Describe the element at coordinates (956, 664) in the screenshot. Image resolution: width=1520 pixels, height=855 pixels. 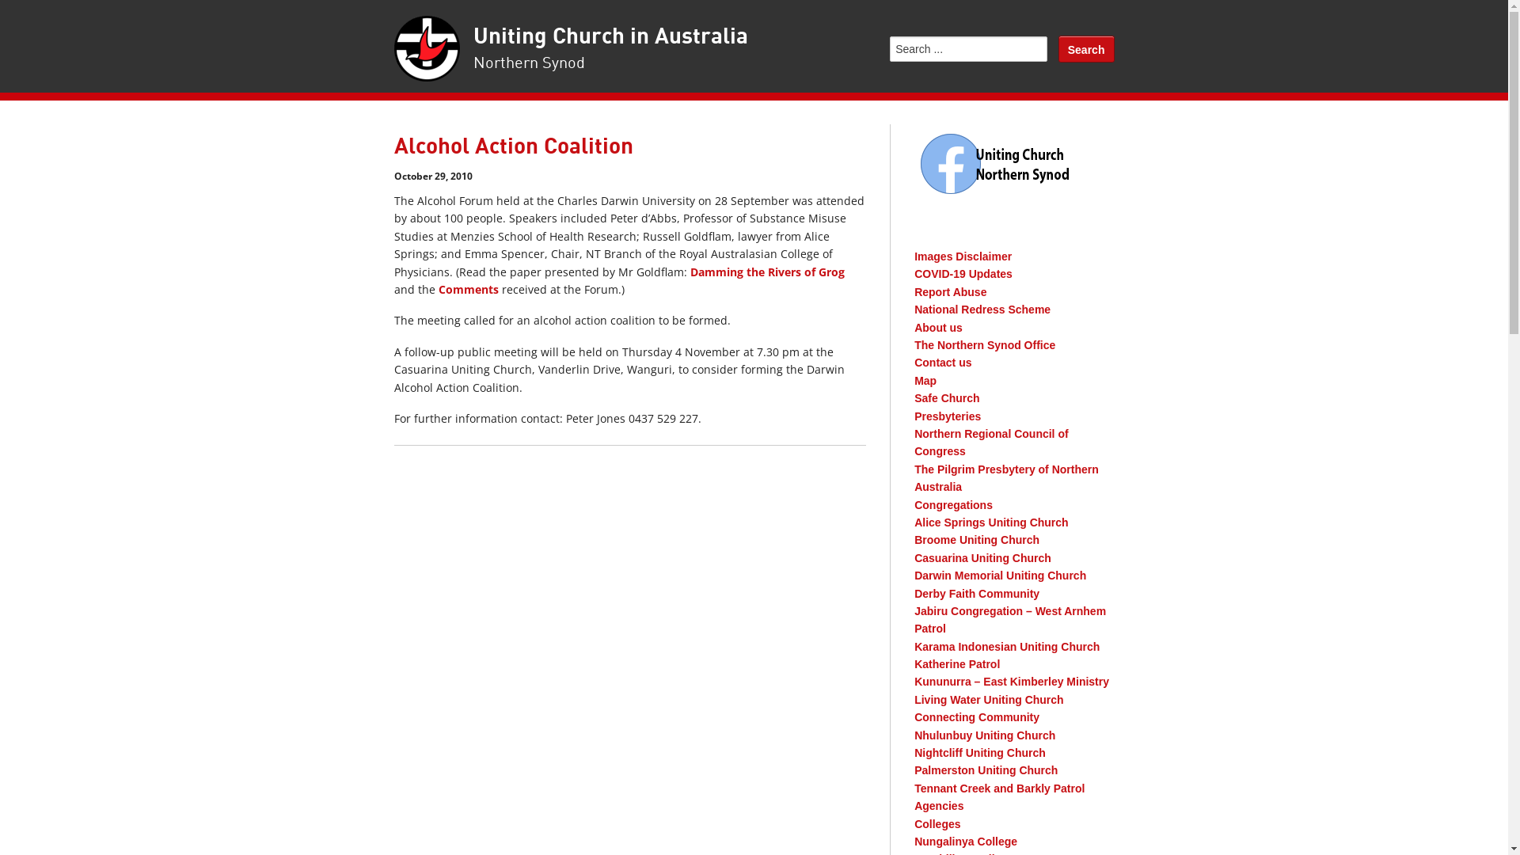
I see `'Katherine Patrol'` at that location.